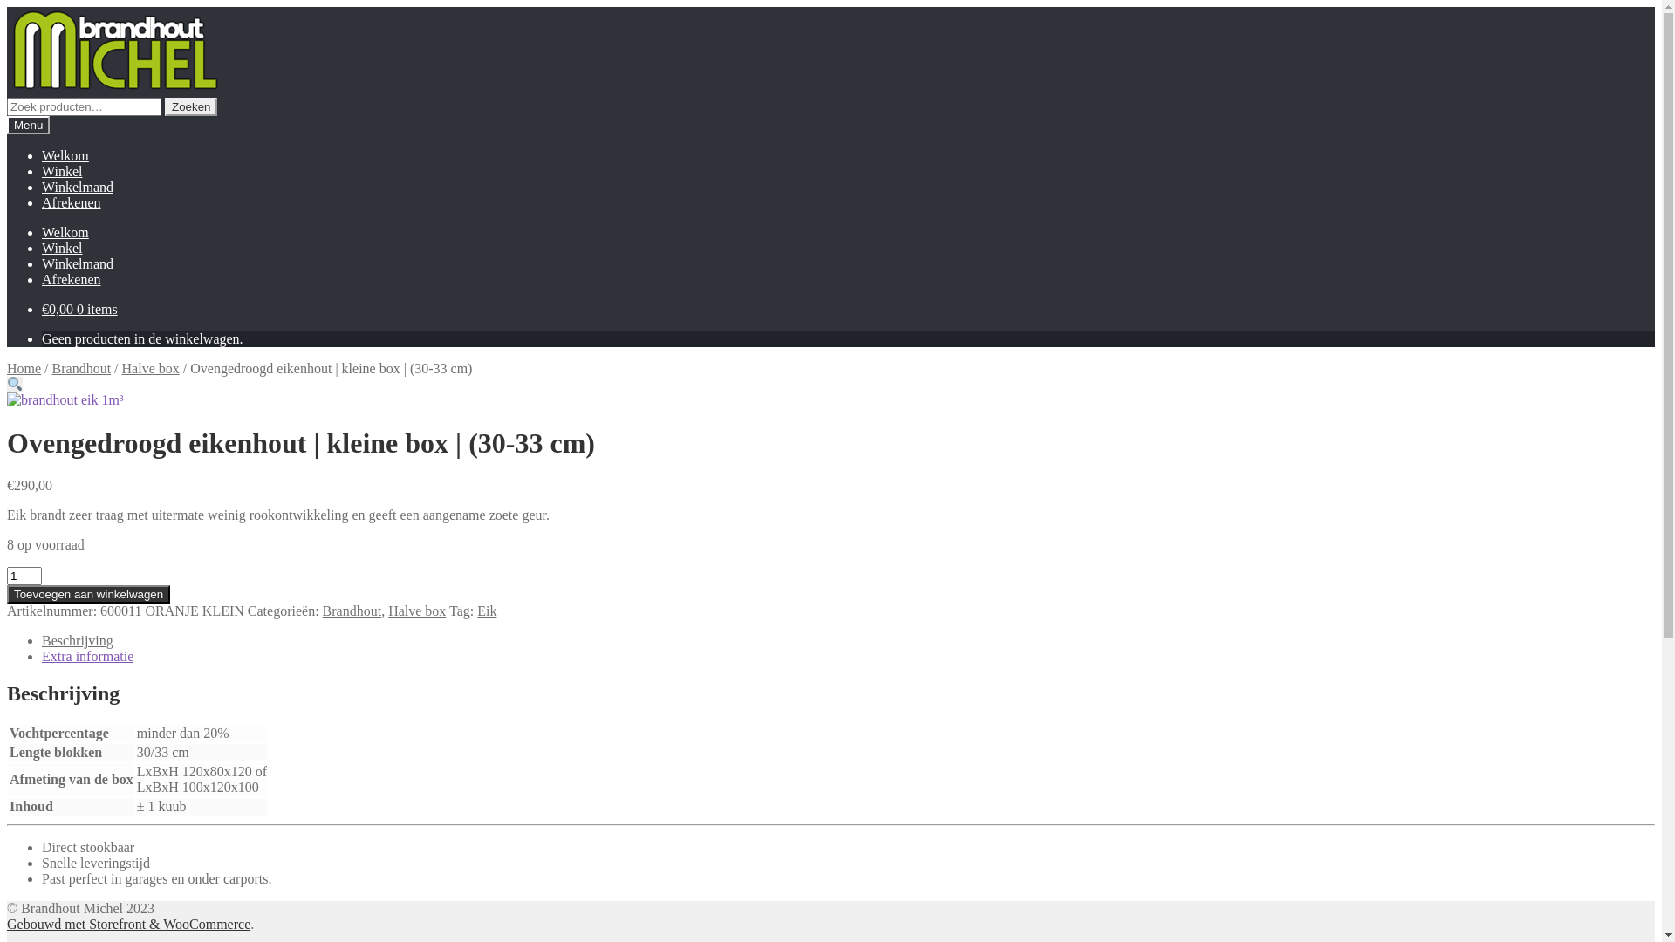  I want to click on 'Menu', so click(28, 124).